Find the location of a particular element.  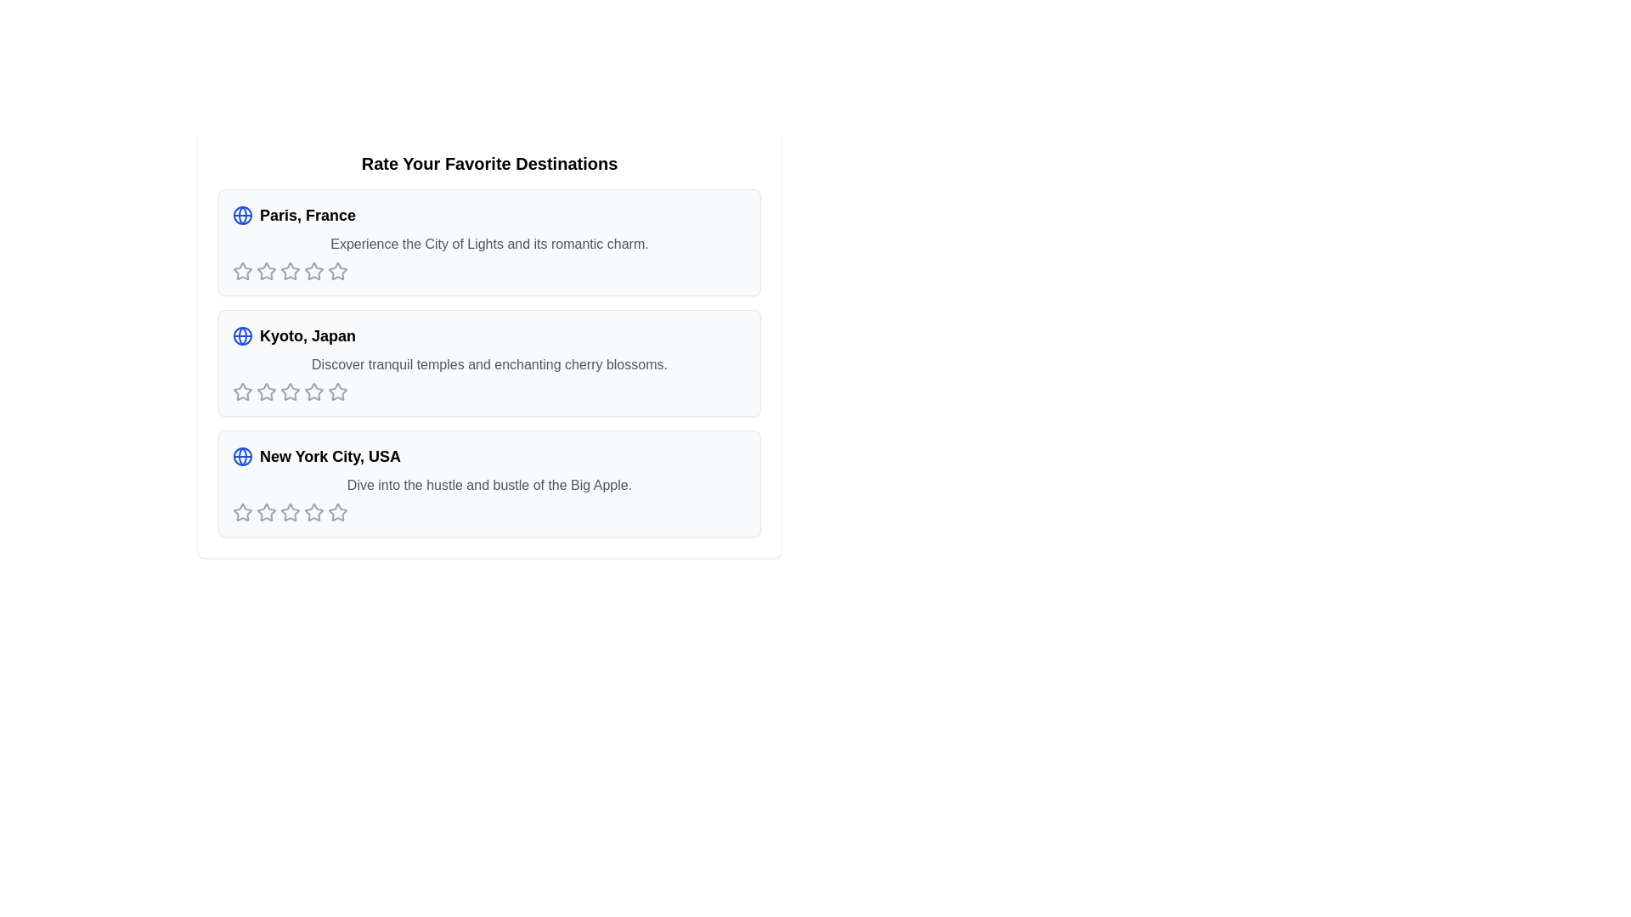

the leftmost star icon in the star rating component to provide a rating for 'Paris, France' is located at coordinates (265, 270).